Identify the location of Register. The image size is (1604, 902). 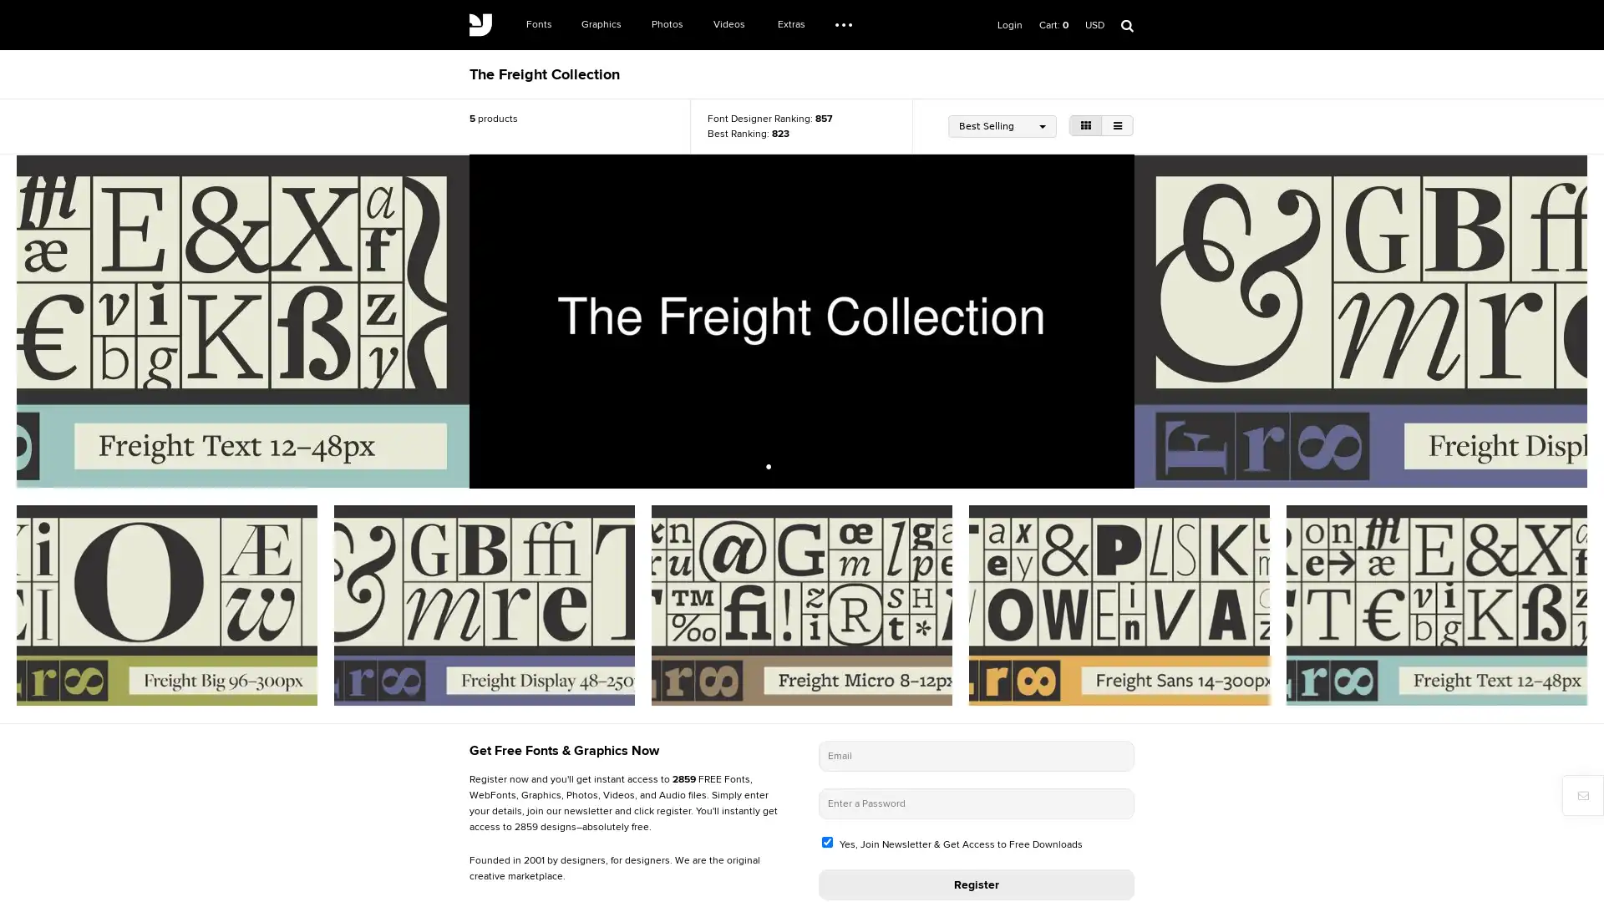
(977, 884).